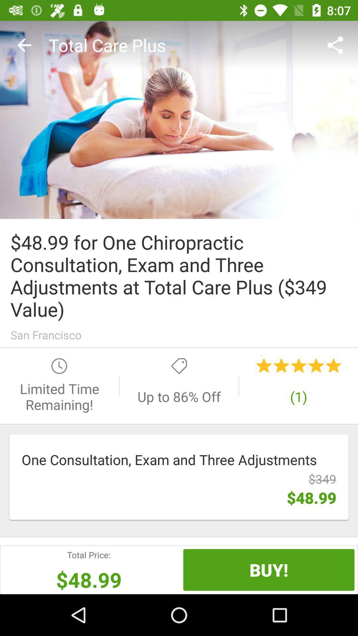 The image size is (358, 636). What do you see at coordinates (179, 335) in the screenshot?
I see `item below 48 99 for` at bounding box center [179, 335].